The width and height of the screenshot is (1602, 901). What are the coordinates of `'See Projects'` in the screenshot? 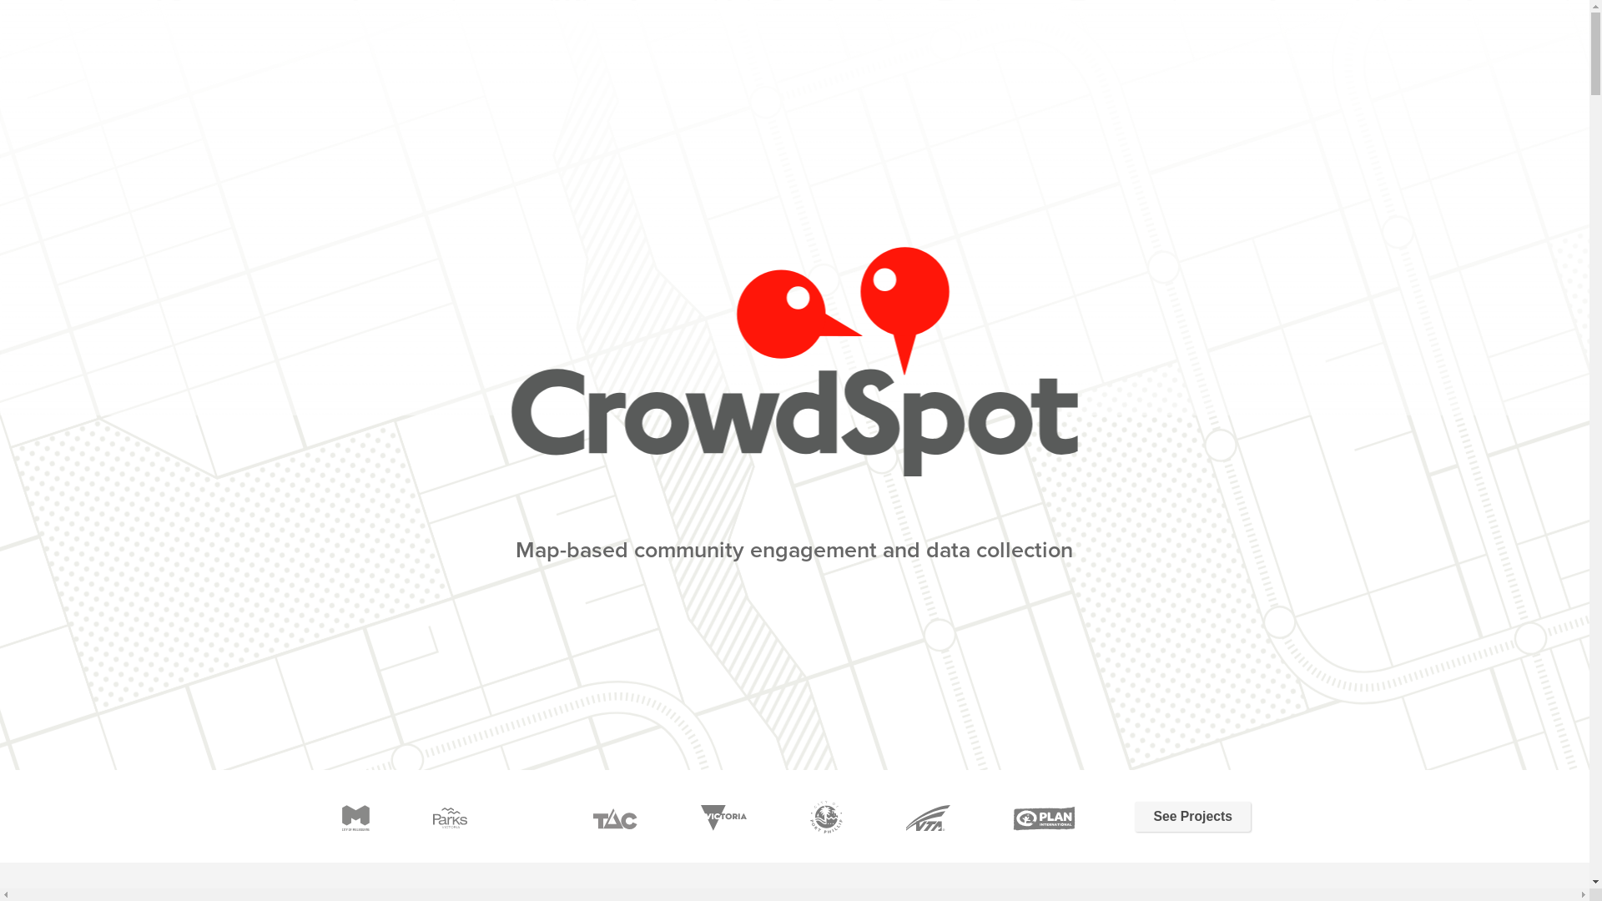 It's located at (1191, 816).